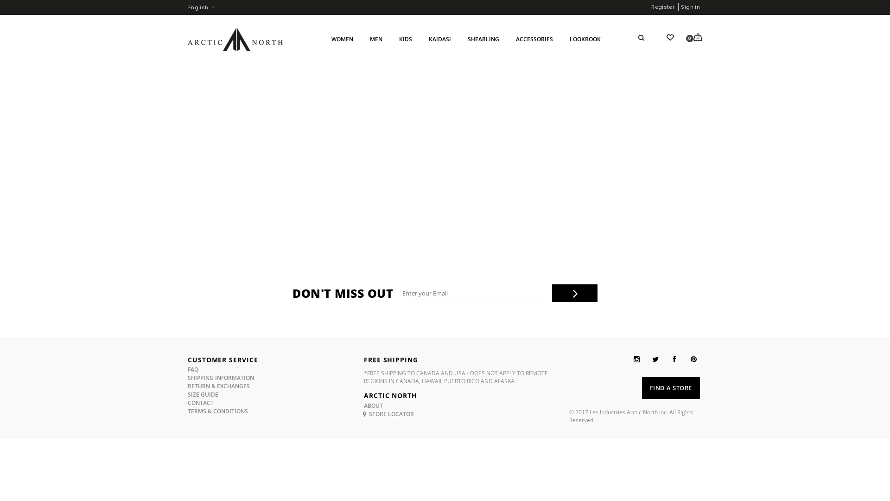 This screenshot has height=501, width=890. I want to click on '  STORE LOCATOR', so click(389, 413).